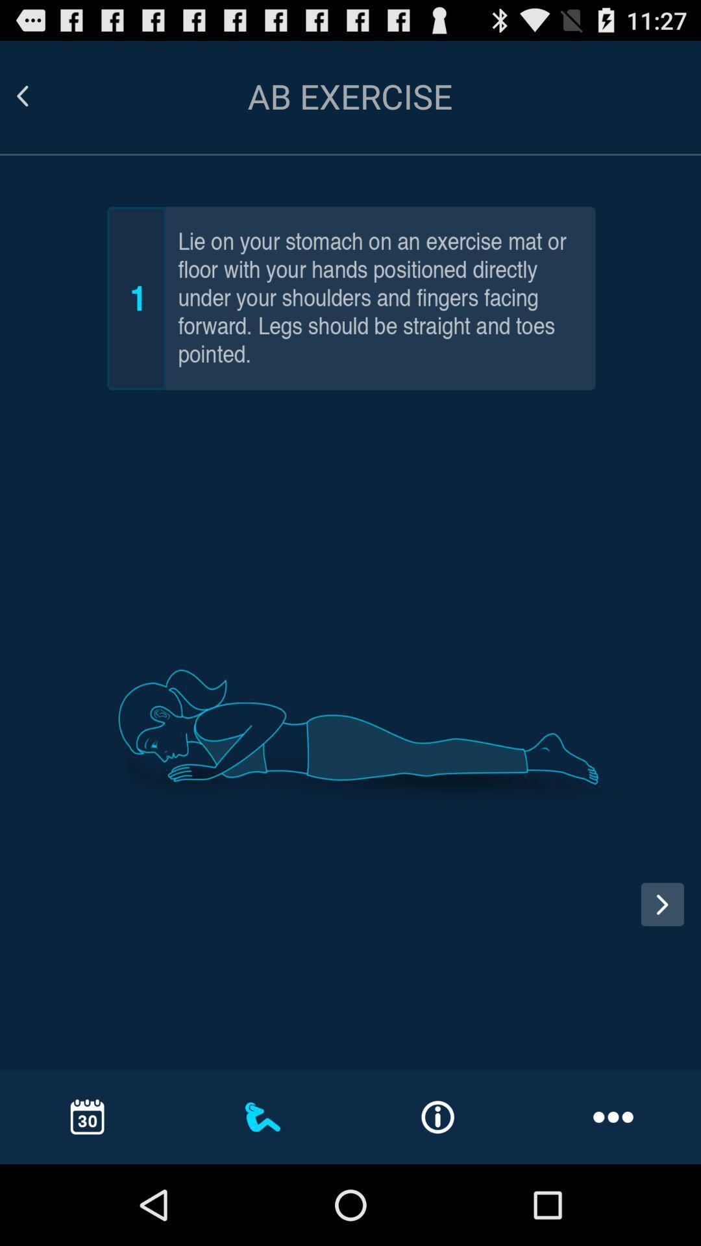  I want to click on the arrow_forward icon, so click(667, 981).